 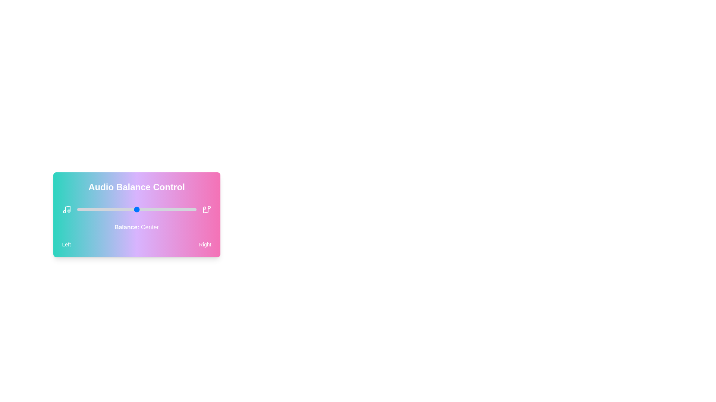 I want to click on the audio balance slider to 93 percent, so click(x=188, y=210).